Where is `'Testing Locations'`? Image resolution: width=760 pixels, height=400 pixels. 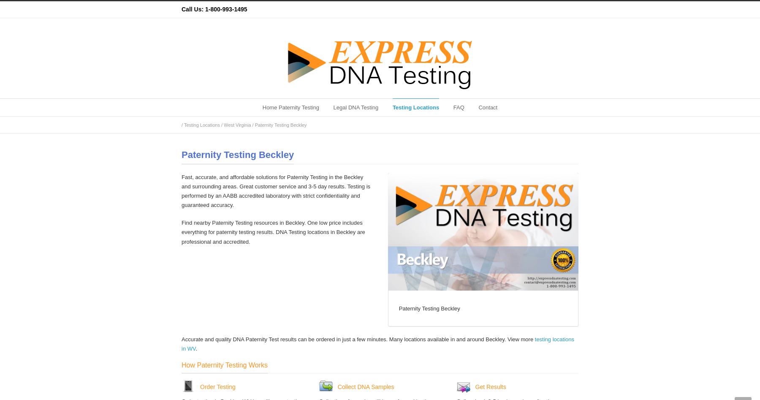 'Testing Locations' is located at coordinates (415, 107).